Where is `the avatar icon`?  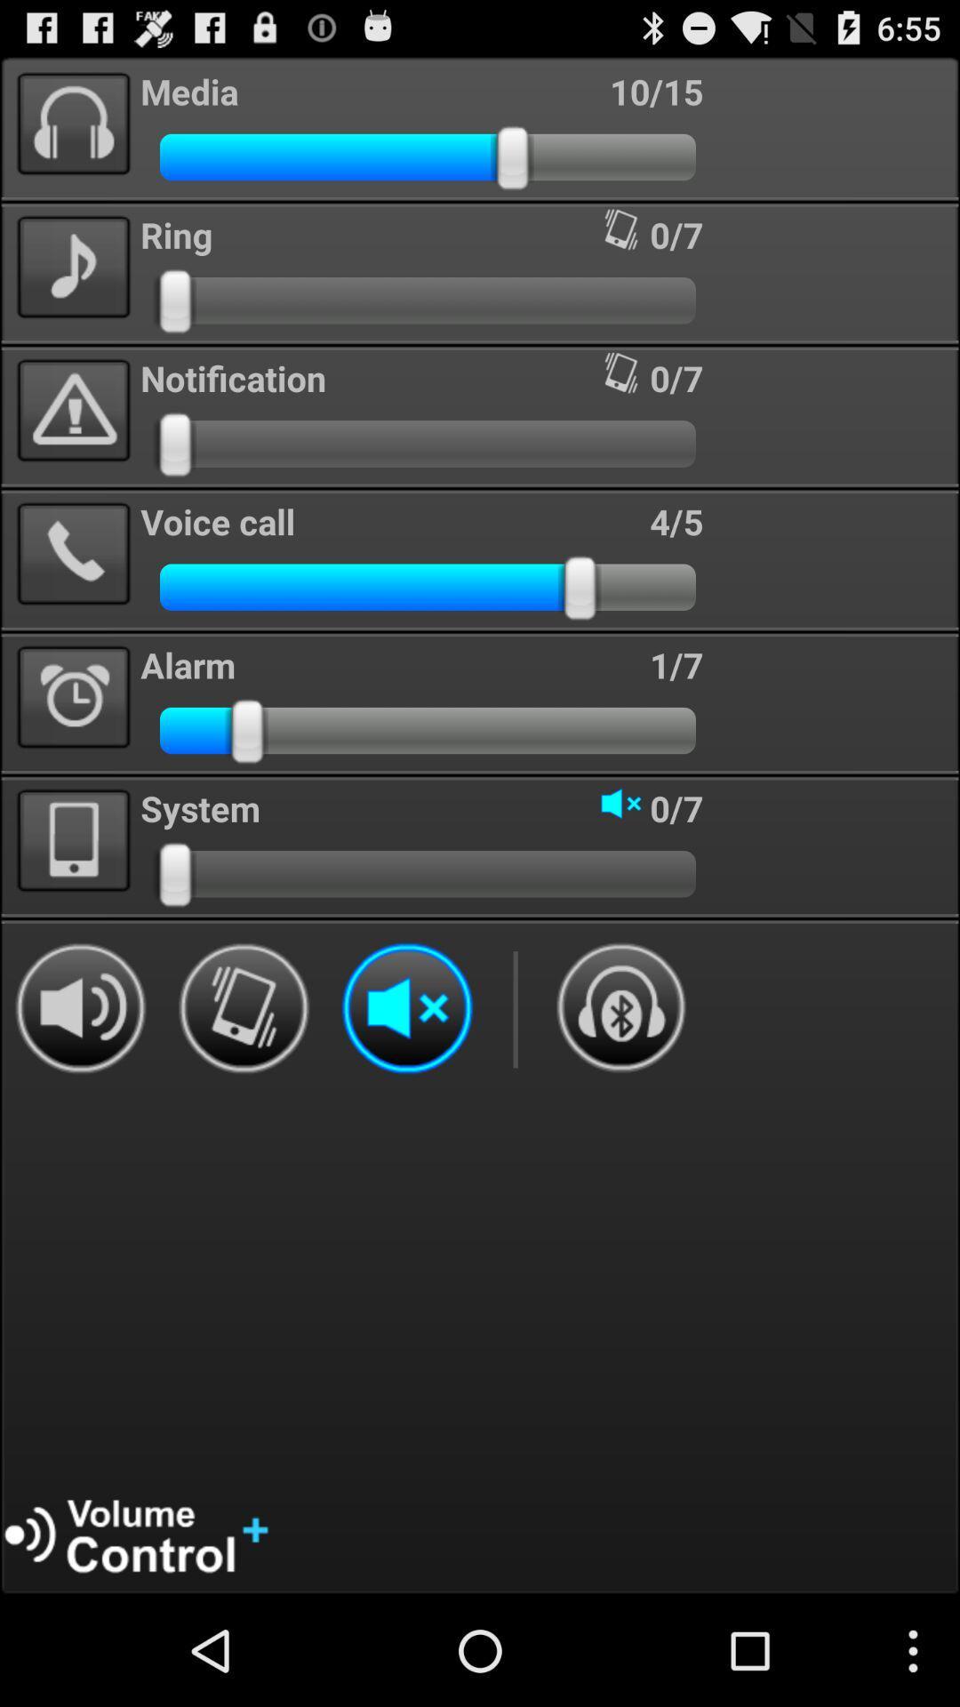 the avatar icon is located at coordinates (73, 132).